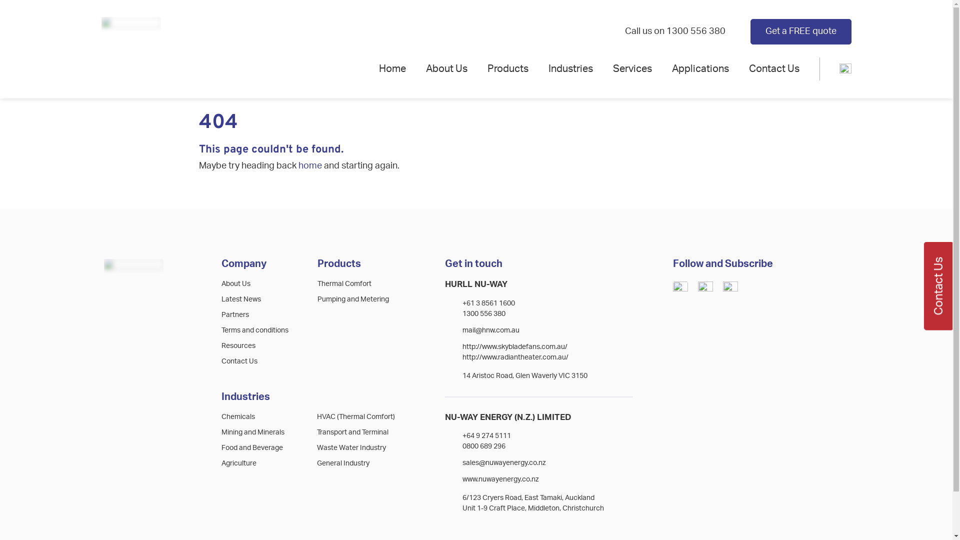 This screenshot has width=960, height=540. What do you see at coordinates (700, 68) in the screenshot?
I see `'Applications'` at bounding box center [700, 68].